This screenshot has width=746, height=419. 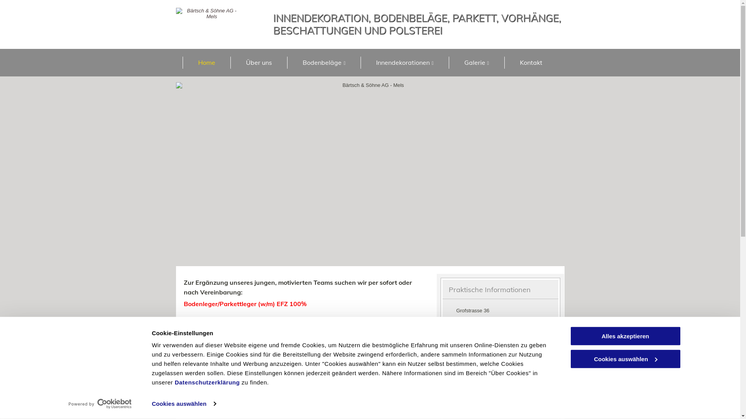 I want to click on 'Home', so click(x=206, y=62).